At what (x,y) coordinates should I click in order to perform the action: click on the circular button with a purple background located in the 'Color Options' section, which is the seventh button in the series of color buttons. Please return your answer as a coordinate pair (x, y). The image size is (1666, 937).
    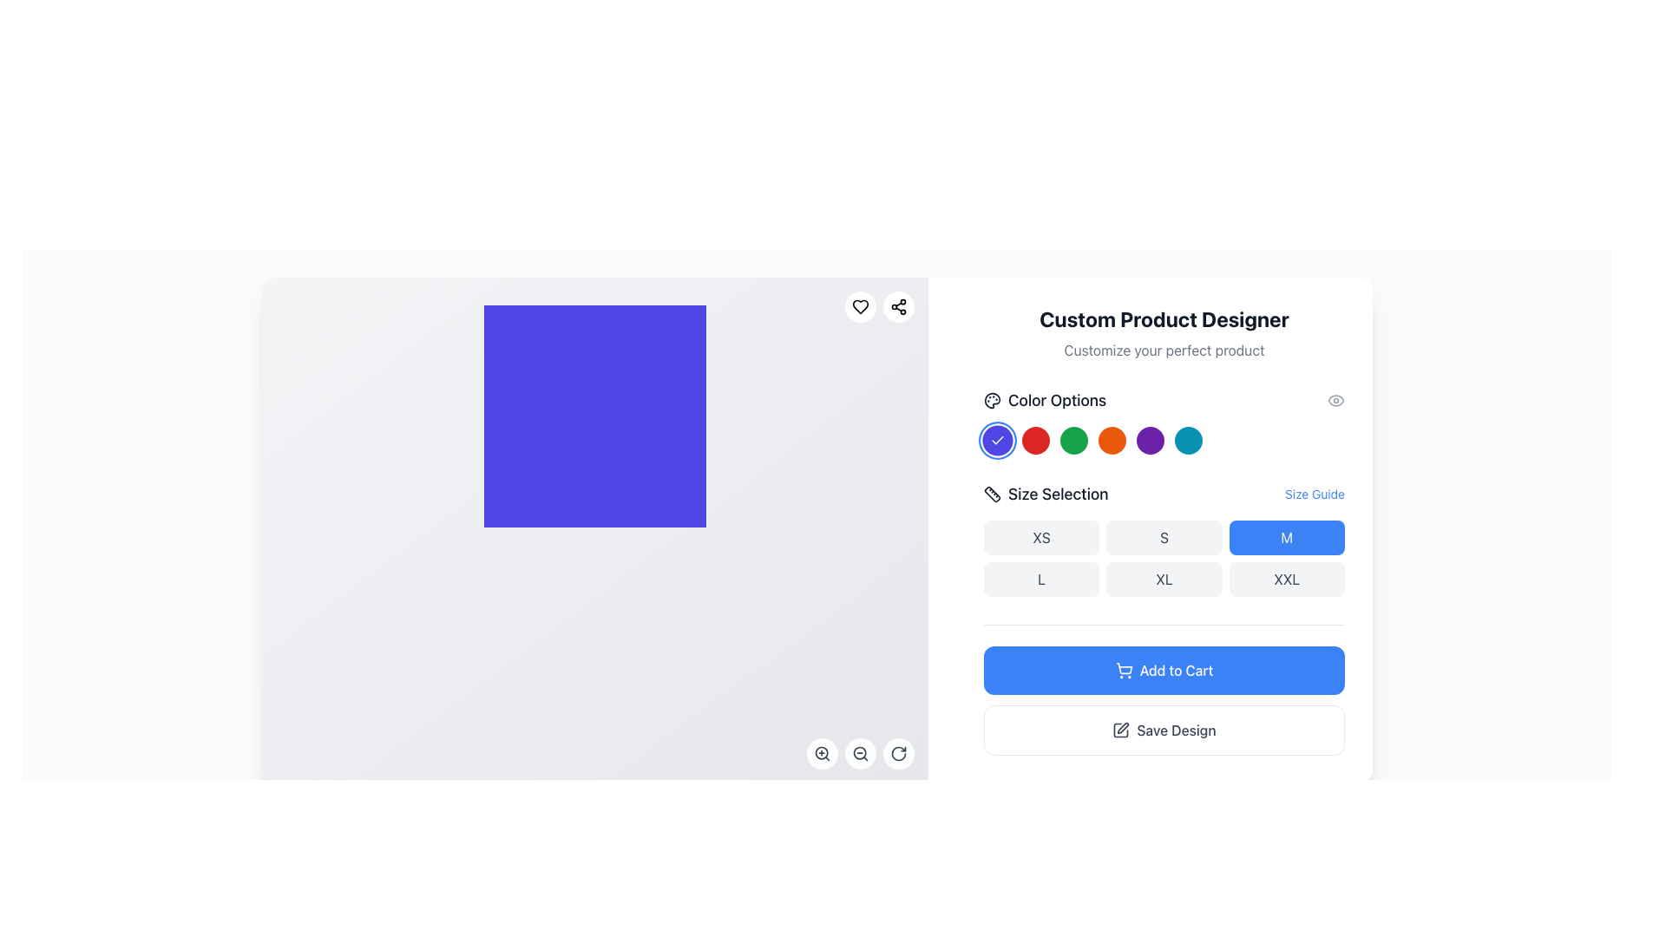
    Looking at the image, I should click on (1150, 440).